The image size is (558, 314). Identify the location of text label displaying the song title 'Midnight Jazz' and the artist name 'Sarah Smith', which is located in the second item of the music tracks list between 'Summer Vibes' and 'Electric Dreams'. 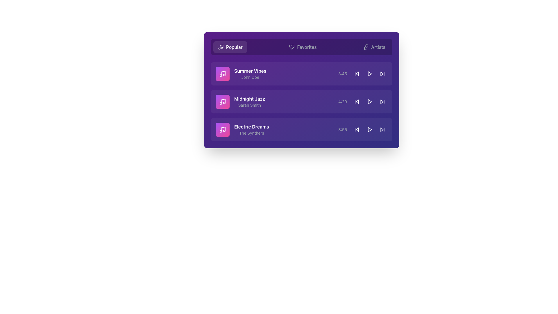
(250, 101).